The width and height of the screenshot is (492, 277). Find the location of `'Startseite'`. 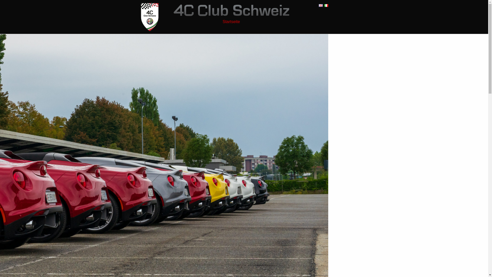

'Startseite' is located at coordinates (231, 21).